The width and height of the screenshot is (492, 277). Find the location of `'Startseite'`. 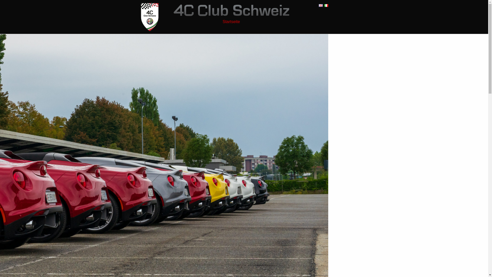

'Startseite' is located at coordinates (231, 21).